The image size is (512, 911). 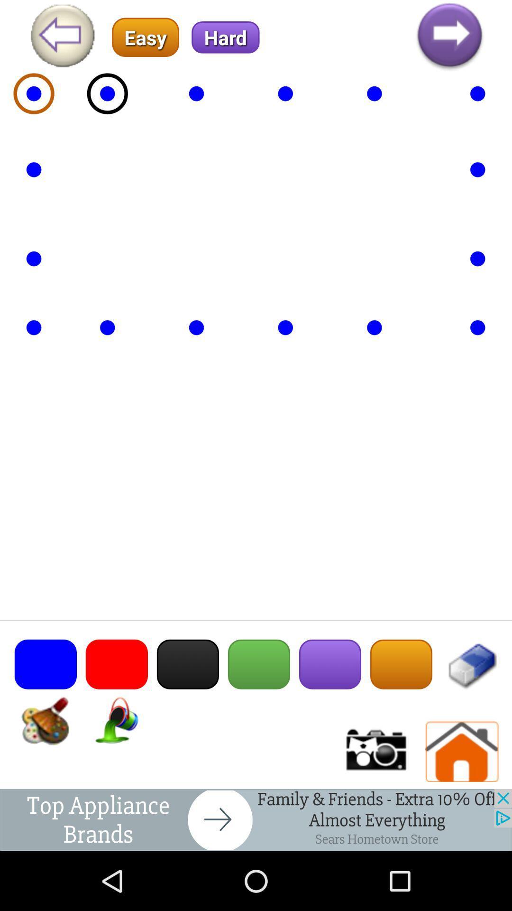 What do you see at coordinates (256, 819) in the screenshot?
I see `follow advertisement link` at bounding box center [256, 819].